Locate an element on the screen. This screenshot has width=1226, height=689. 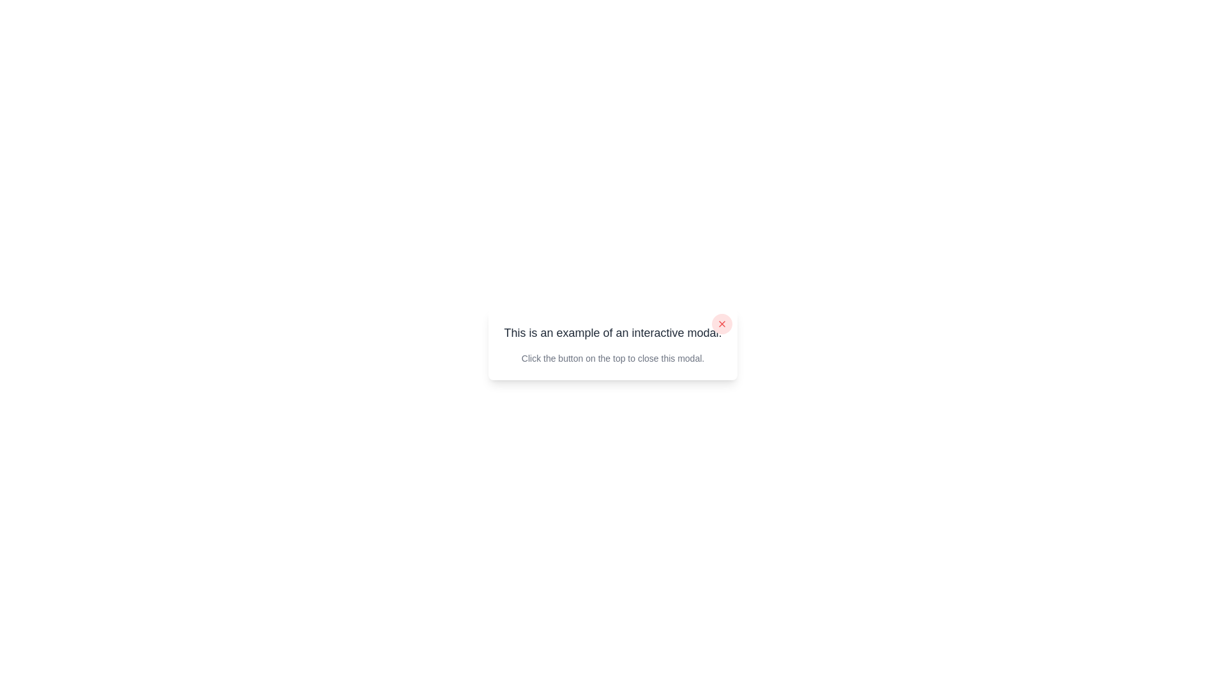
the red 'X' button in the top-right corner of the modal dialog is located at coordinates (722, 323).